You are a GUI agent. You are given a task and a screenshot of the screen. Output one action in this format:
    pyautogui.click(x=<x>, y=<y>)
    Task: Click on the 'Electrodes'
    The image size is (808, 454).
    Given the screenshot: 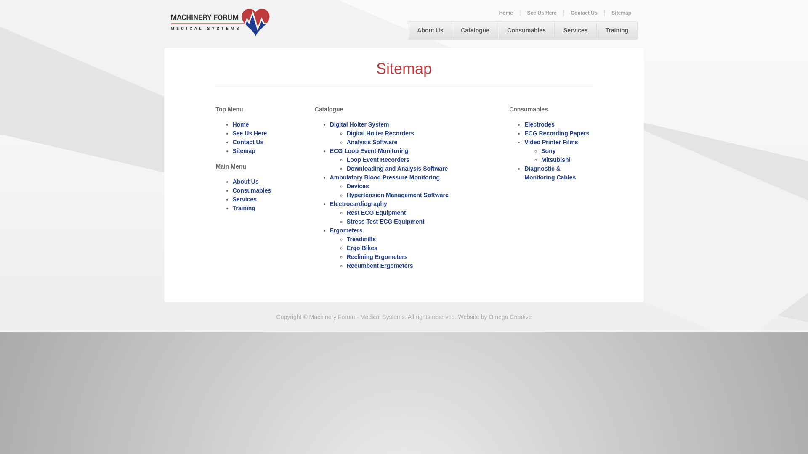 What is the action you would take?
    pyautogui.click(x=539, y=124)
    